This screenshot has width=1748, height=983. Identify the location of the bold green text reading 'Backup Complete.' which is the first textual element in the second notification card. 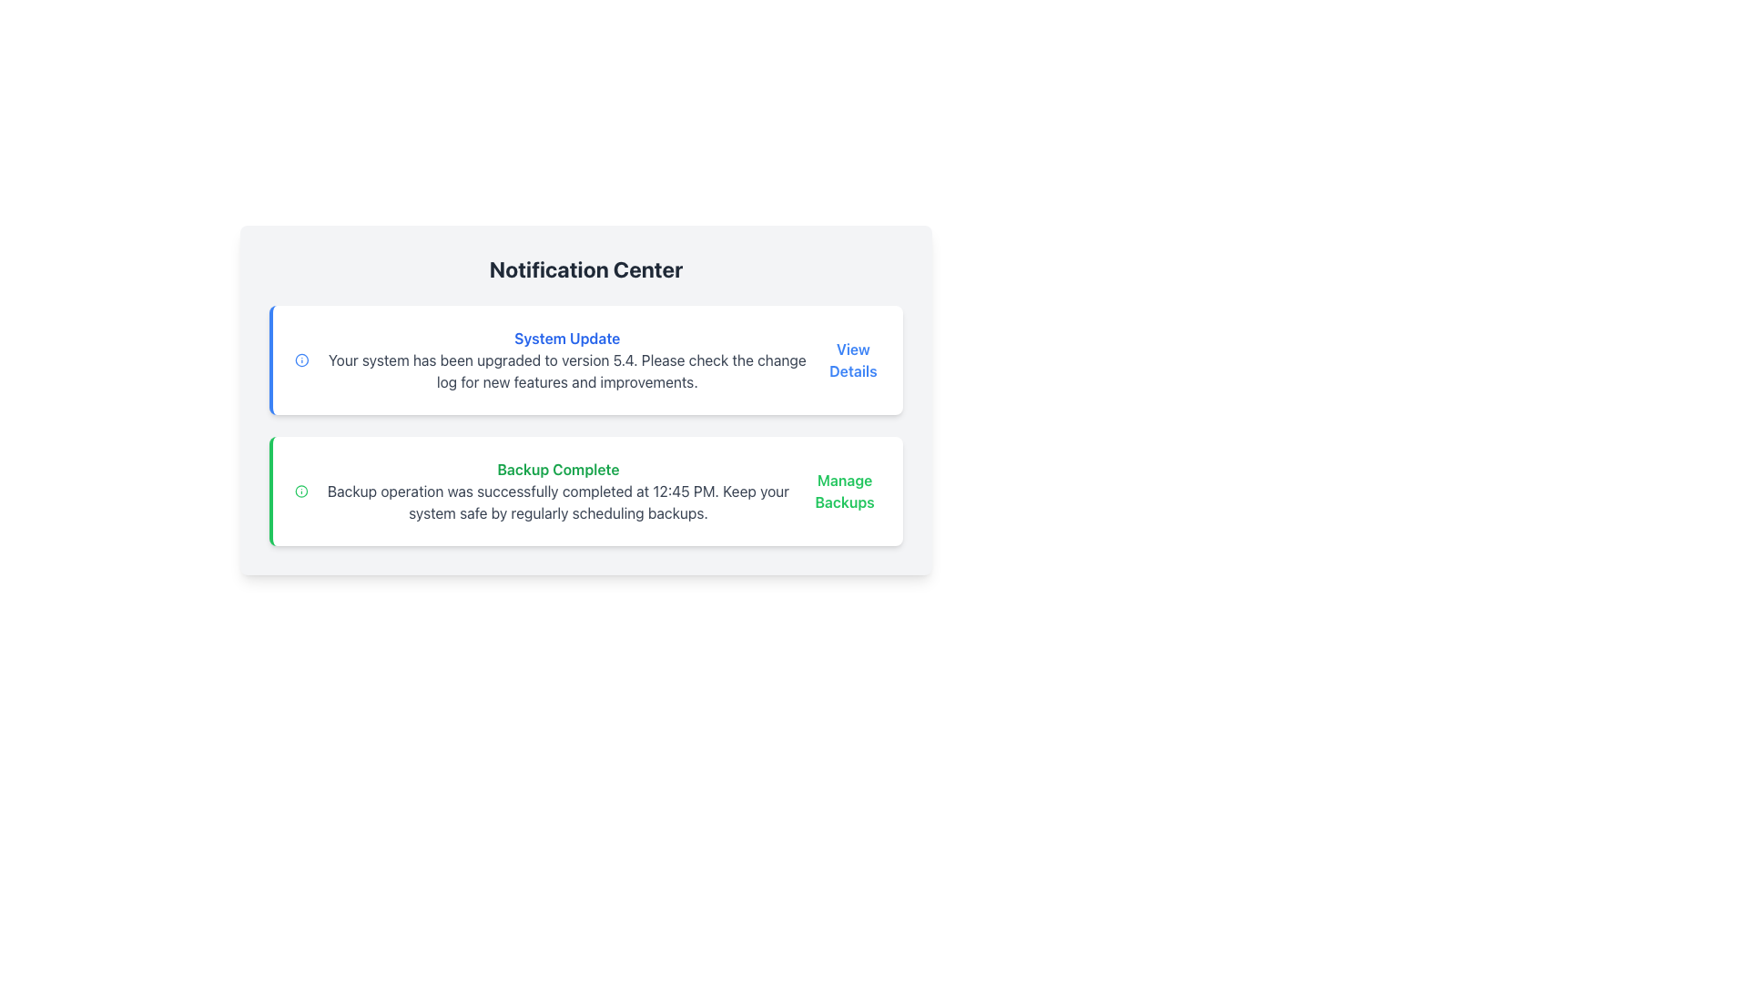
(557, 469).